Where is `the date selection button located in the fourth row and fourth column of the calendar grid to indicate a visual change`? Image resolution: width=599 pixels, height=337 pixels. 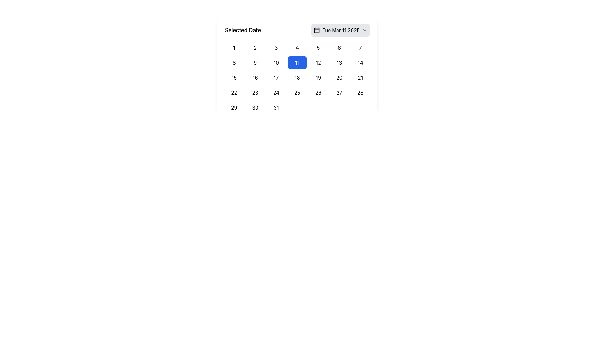
the date selection button located in the fourth row and fourth column of the calendar grid to indicate a visual change is located at coordinates (276, 93).